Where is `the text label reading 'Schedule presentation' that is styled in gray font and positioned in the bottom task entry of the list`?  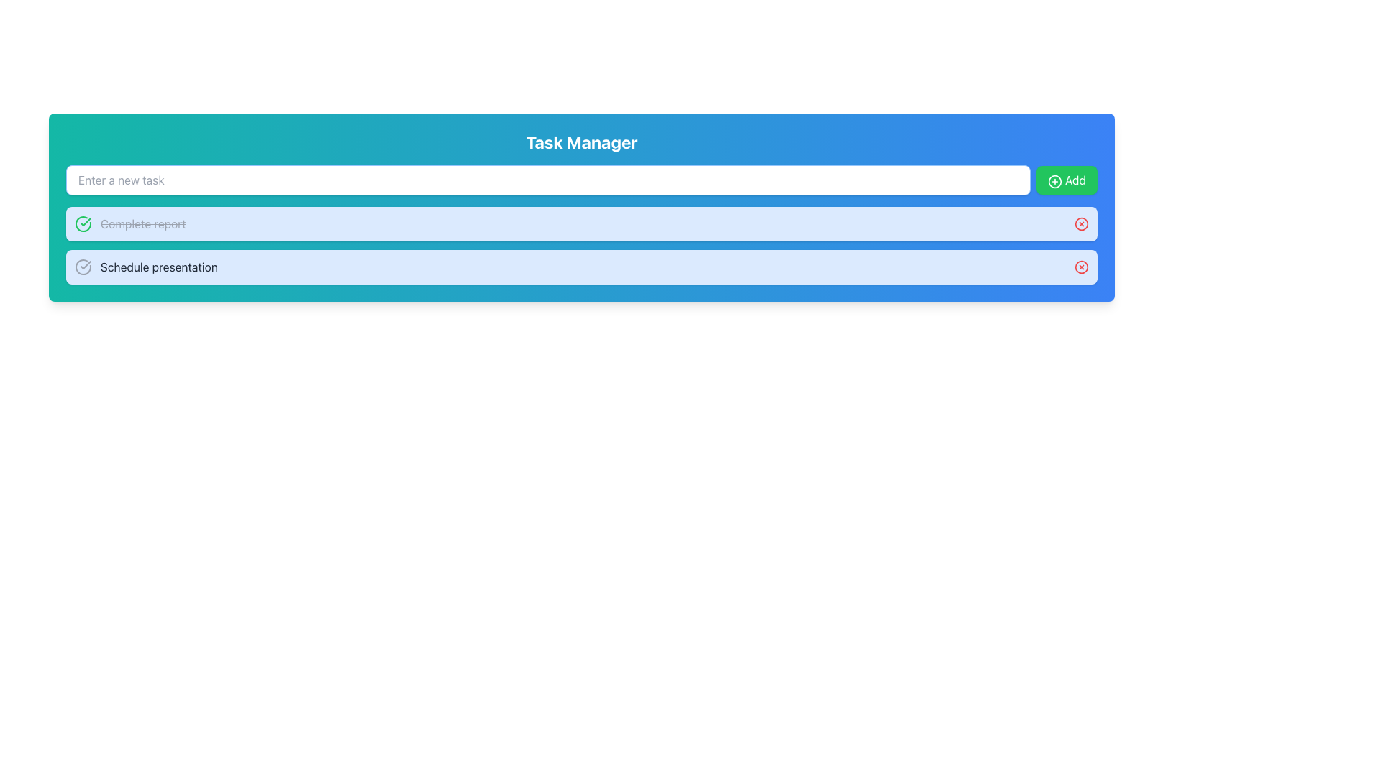 the text label reading 'Schedule presentation' that is styled in gray font and positioned in the bottom task entry of the list is located at coordinates (159, 267).